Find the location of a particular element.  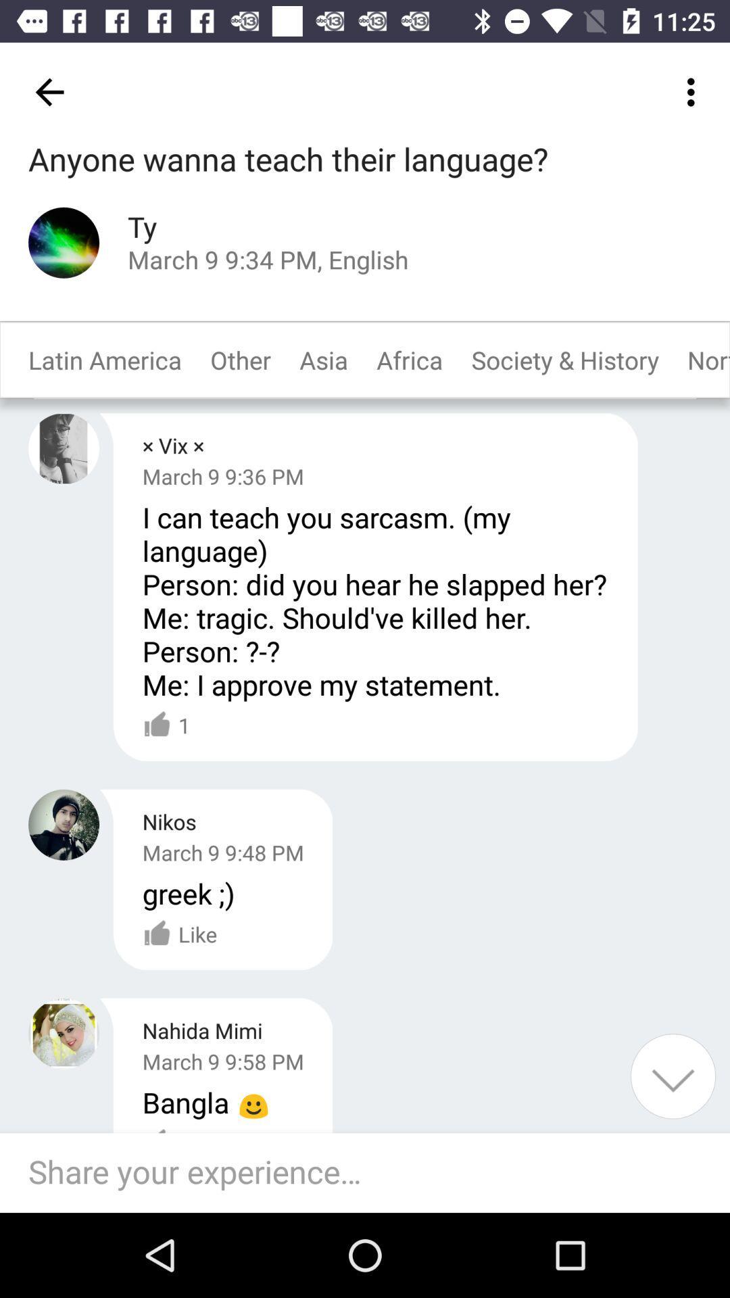

the item next to the anyone wanna teach item is located at coordinates (694, 91).